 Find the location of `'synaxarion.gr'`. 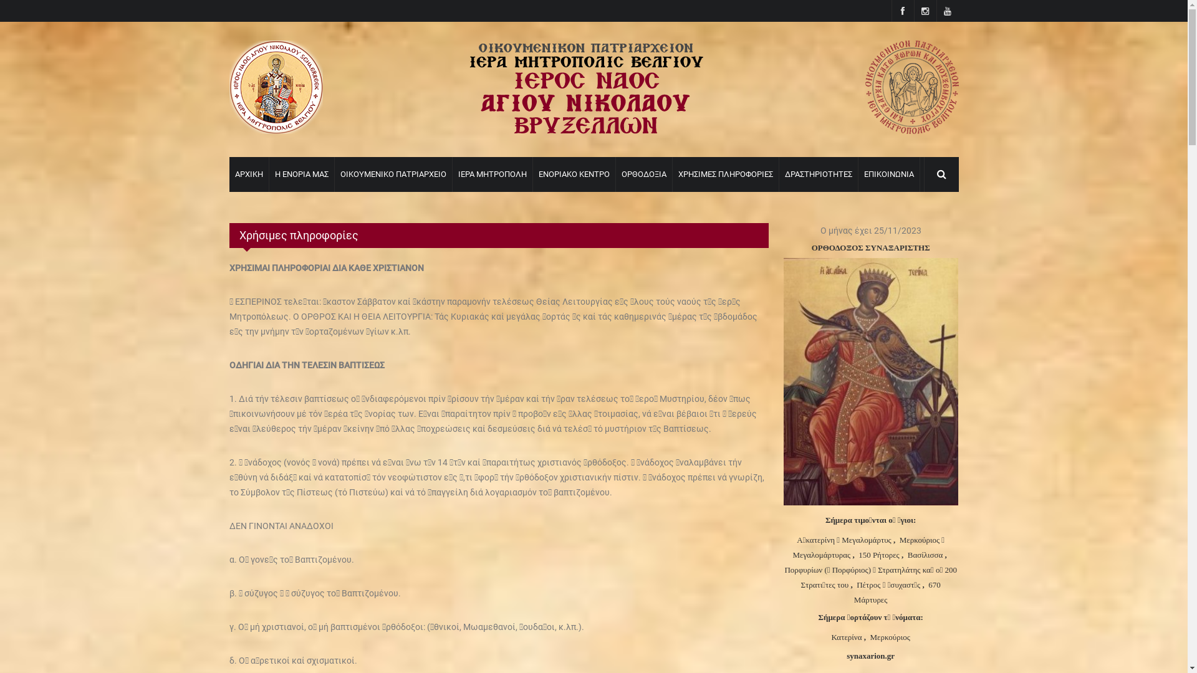

'synaxarion.gr' is located at coordinates (870, 655).